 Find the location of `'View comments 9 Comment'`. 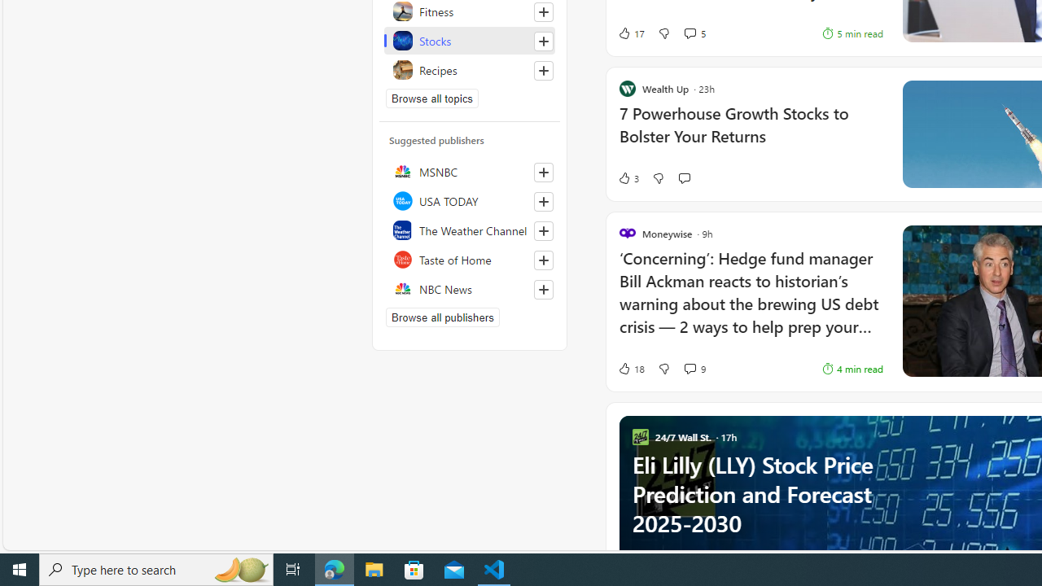

'View comments 9 Comment' is located at coordinates (694, 368).